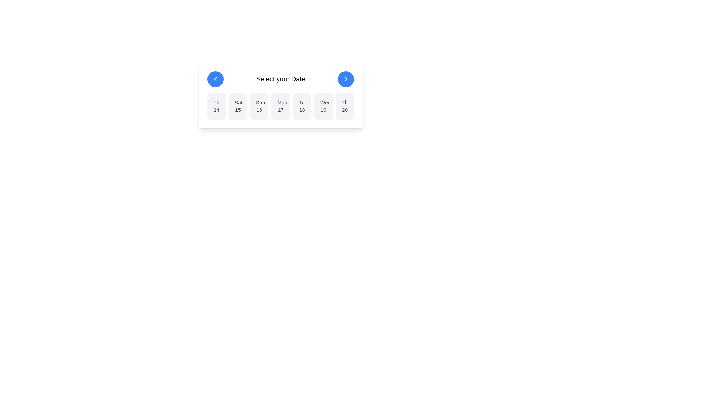 The image size is (705, 396). Describe the element at coordinates (346, 79) in the screenshot. I see `the blue circular navigation icon located on the right side of the interface` at that location.